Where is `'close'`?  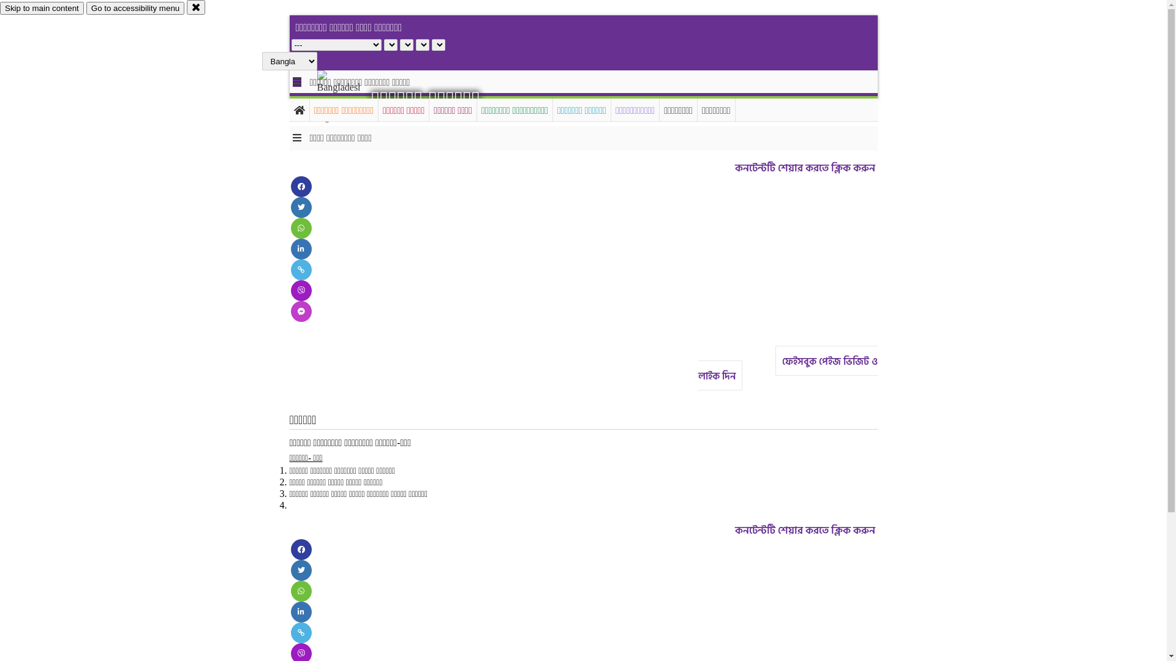
'close' is located at coordinates (196, 7).